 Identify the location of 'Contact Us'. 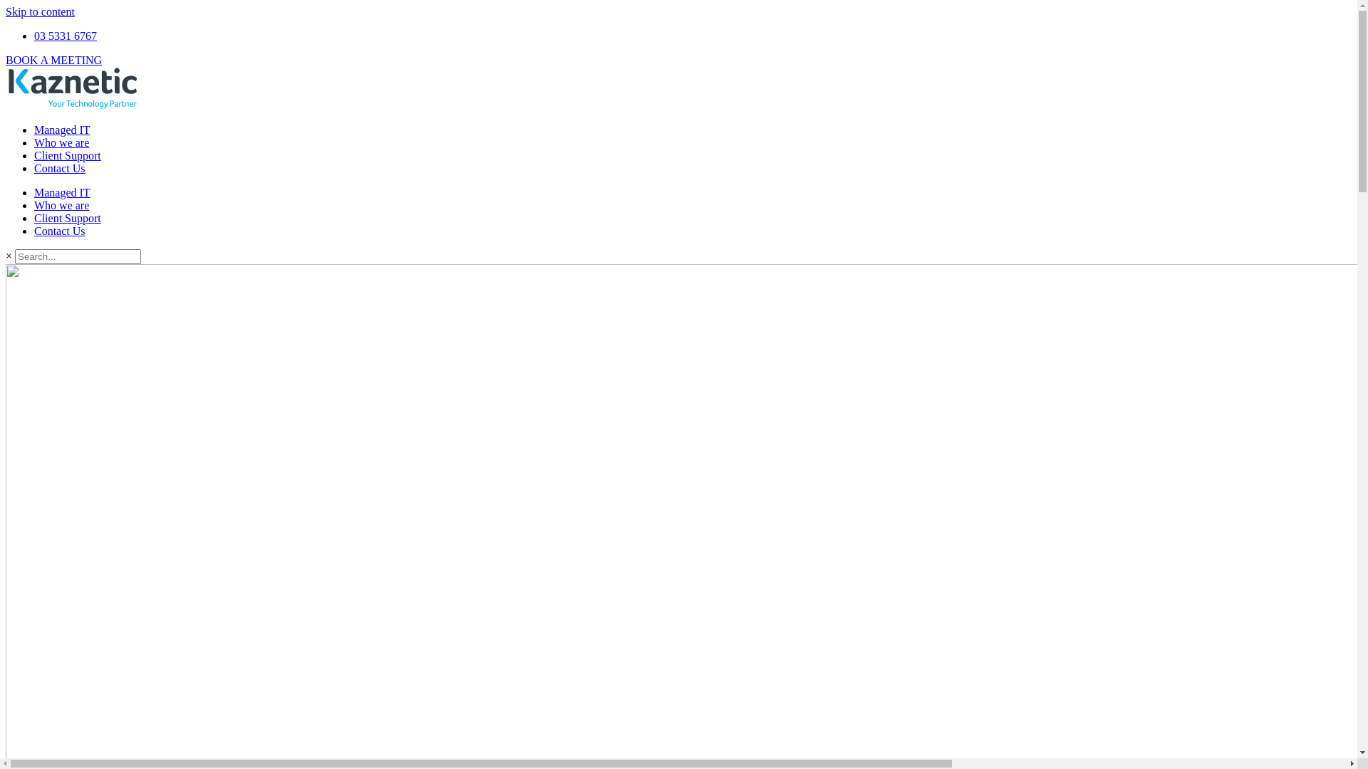
(58, 230).